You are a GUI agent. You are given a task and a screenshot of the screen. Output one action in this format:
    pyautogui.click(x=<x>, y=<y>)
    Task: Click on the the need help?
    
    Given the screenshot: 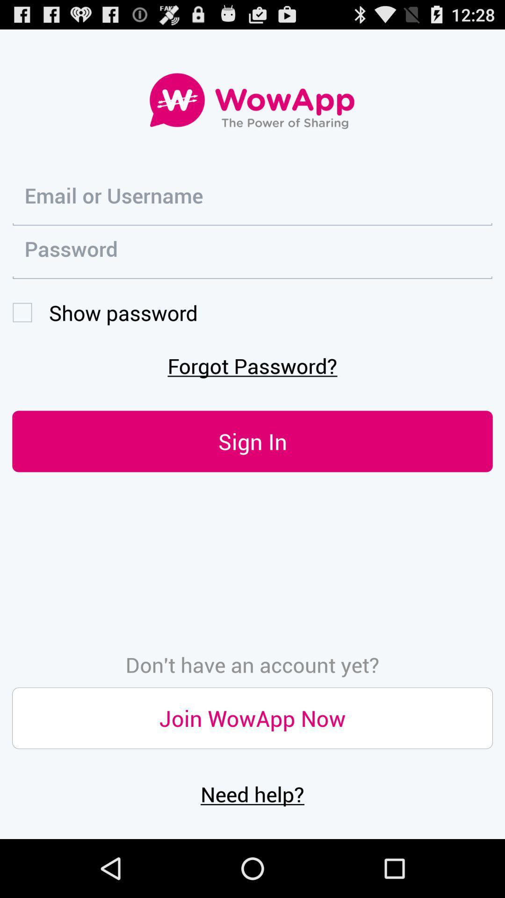 What is the action you would take?
    pyautogui.click(x=252, y=793)
    